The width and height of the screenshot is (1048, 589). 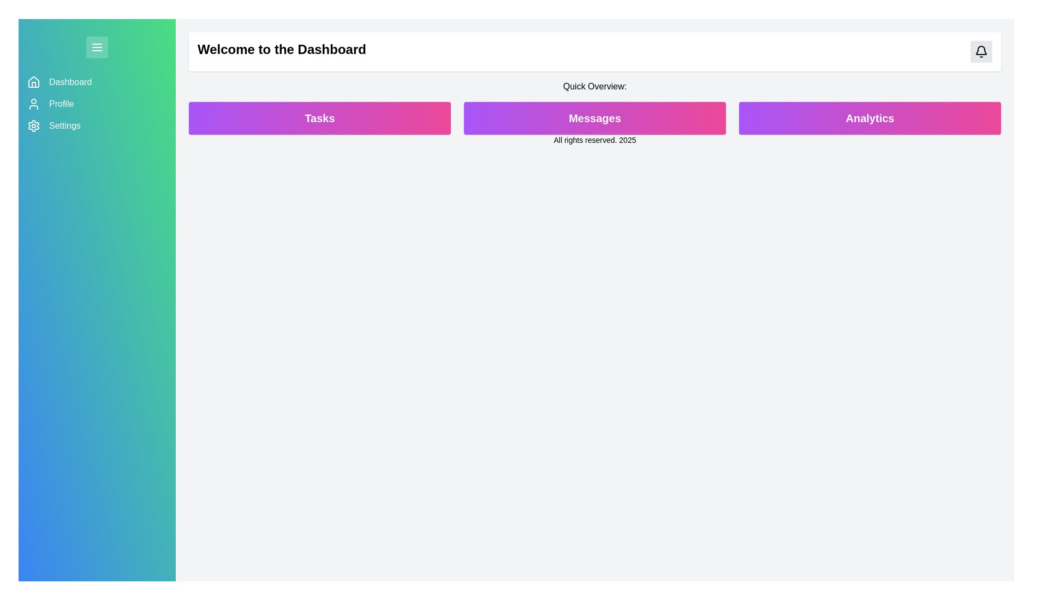 I want to click on the hamburger menu icon button located in the top left corner of the interface inside the green sidebar, so click(x=97, y=47).